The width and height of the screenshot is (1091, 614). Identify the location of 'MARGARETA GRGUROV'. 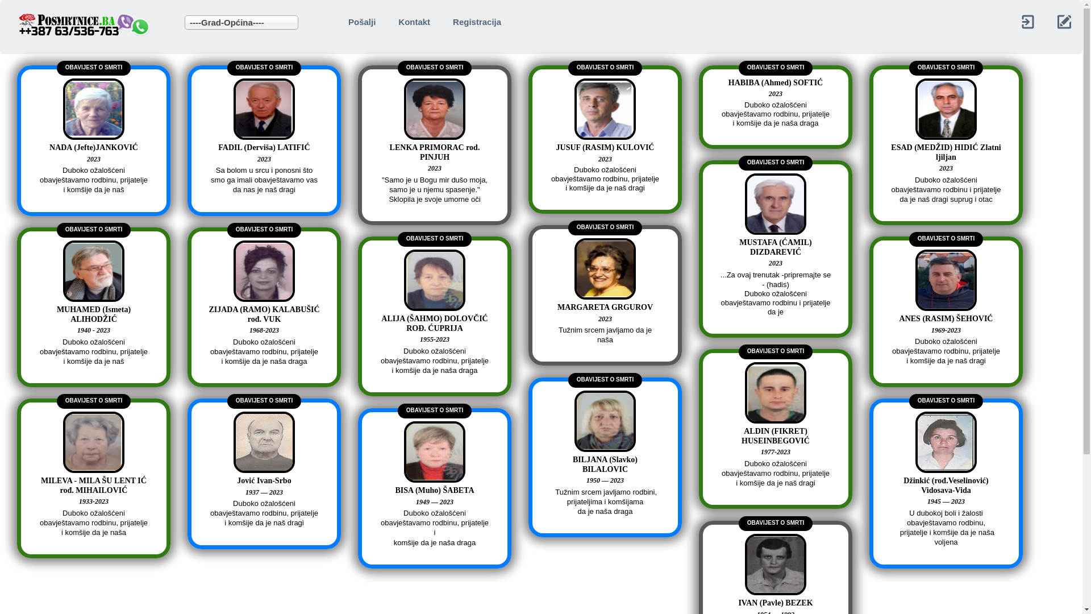
(605, 313).